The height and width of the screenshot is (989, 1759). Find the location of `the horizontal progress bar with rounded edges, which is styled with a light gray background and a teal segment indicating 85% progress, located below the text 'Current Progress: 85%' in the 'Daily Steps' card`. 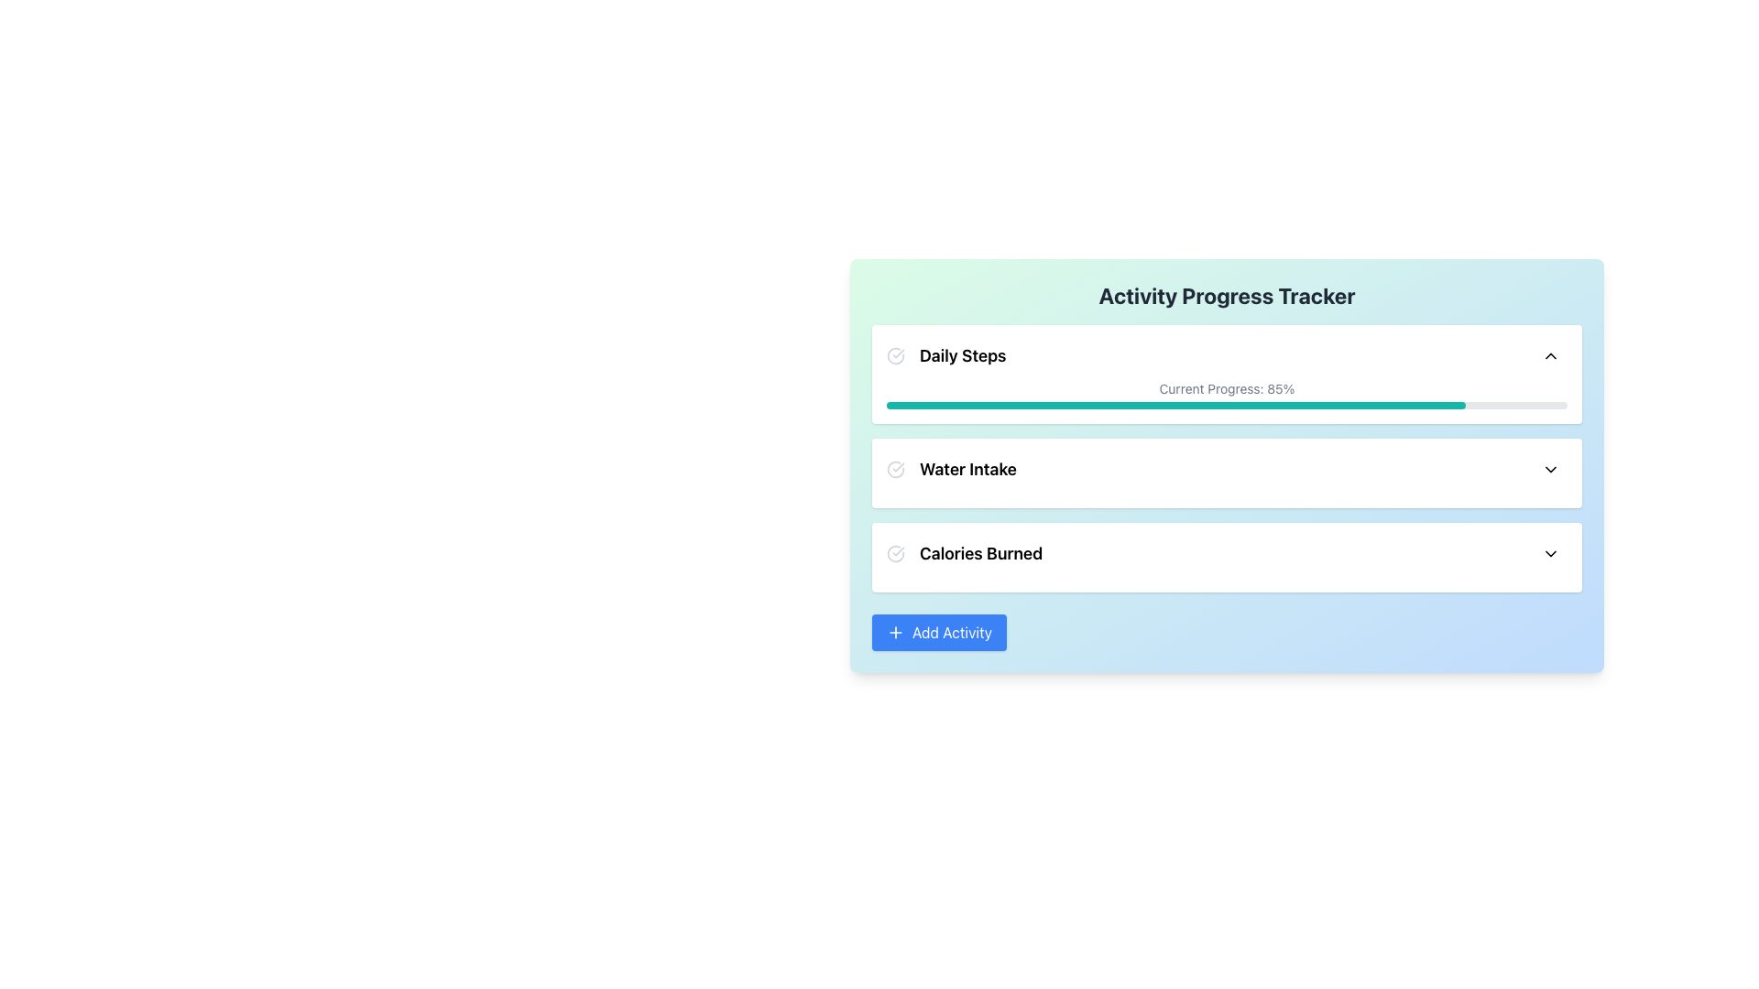

the horizontal progress bar with rounded edges, which is styled with a light gray background and a teal segment indicating 85% progress, located below the text 'Current Progress: 85%' in the 'Daily Steps' card is located at coordinates (1227, 405).